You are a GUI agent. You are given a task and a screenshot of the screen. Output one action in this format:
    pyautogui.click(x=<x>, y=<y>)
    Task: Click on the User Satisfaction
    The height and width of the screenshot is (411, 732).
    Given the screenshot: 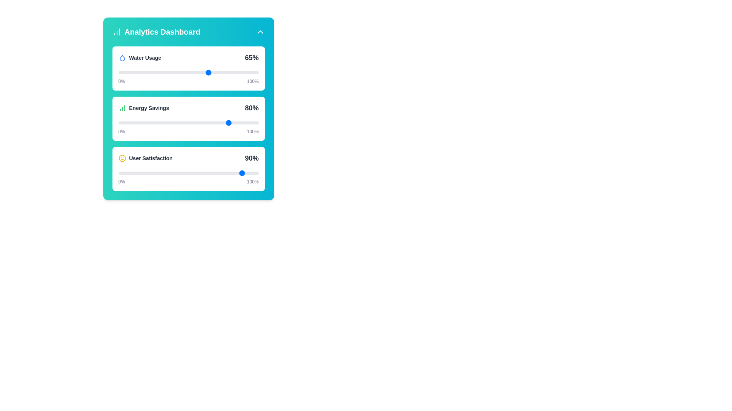 What is the action you would take?
    pyautogui.click(x=204, y=173)
    